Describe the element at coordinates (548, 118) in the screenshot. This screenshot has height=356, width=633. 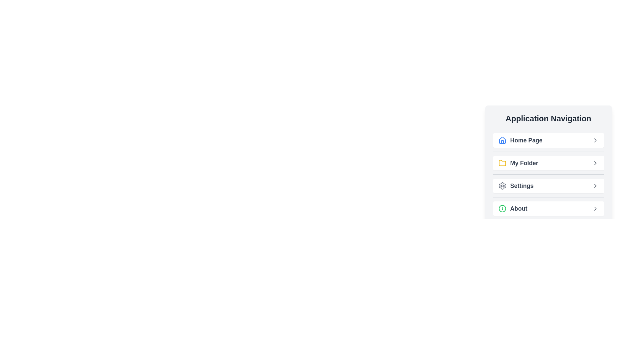
I see `the static text header labeled 'Application Navigation', which is styled with a bold, large font in dark gray and positioned at the top of the navigation panel` at that location.